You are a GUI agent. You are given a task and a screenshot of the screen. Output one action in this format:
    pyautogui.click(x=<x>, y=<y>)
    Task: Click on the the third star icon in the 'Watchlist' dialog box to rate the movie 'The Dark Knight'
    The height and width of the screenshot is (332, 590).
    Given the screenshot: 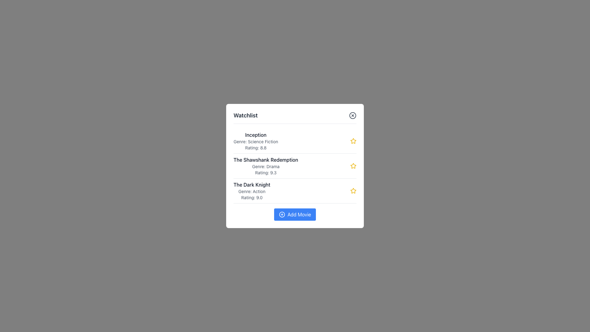 What is the action you would take?
    pyautogui.click(x=353, y=191)
    